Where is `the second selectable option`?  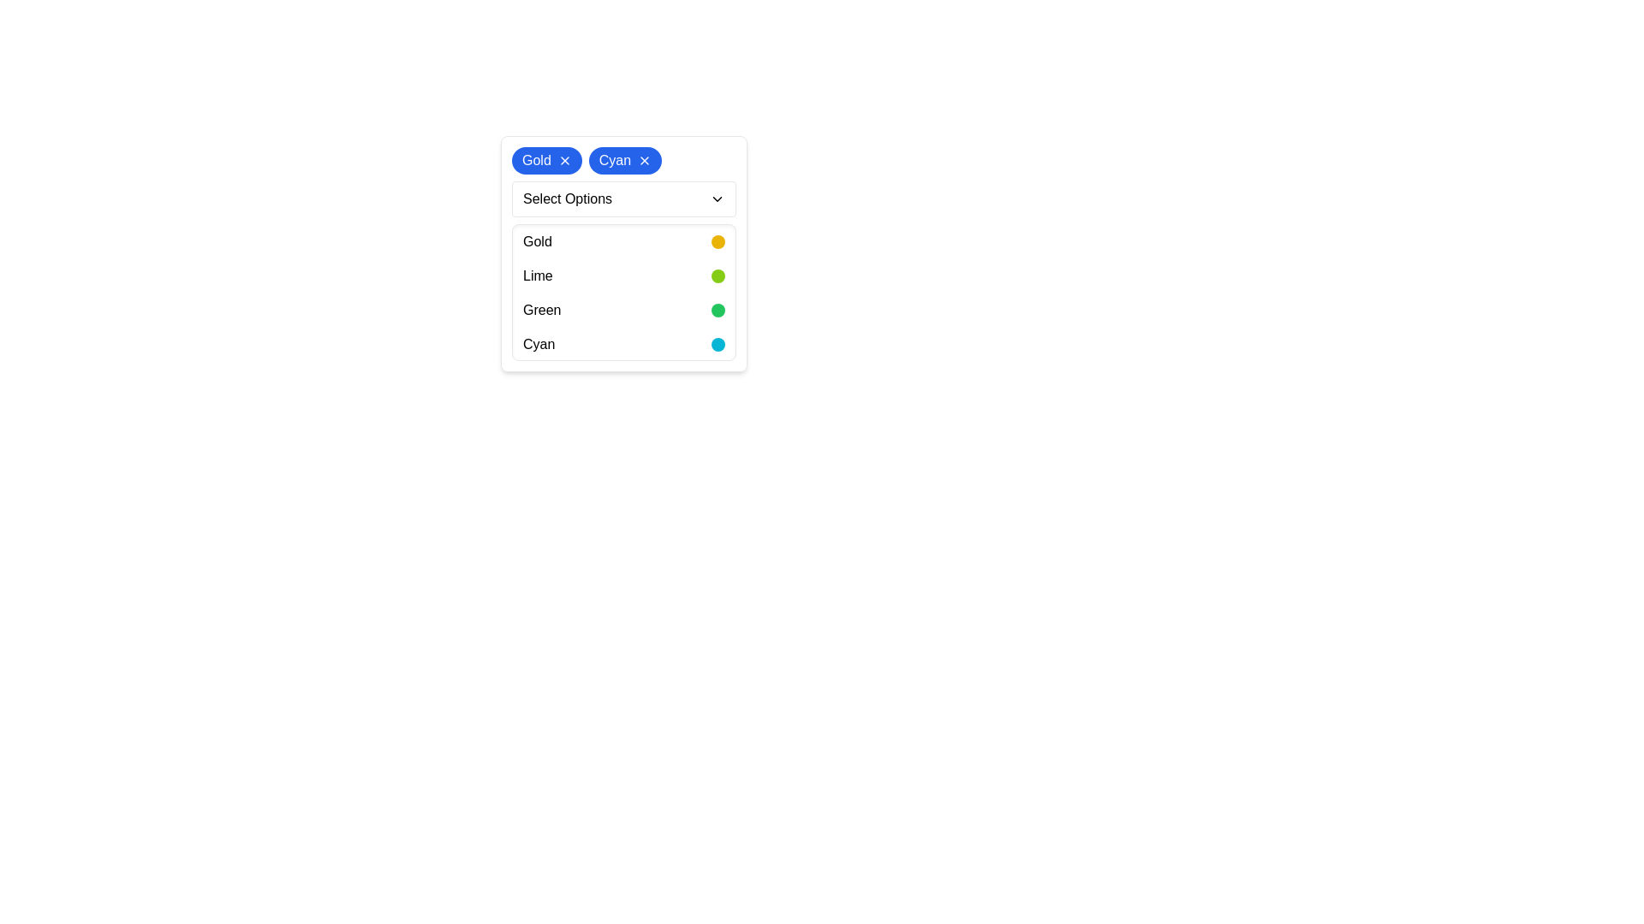 the second selectable option is located at coordinates (623, 275).